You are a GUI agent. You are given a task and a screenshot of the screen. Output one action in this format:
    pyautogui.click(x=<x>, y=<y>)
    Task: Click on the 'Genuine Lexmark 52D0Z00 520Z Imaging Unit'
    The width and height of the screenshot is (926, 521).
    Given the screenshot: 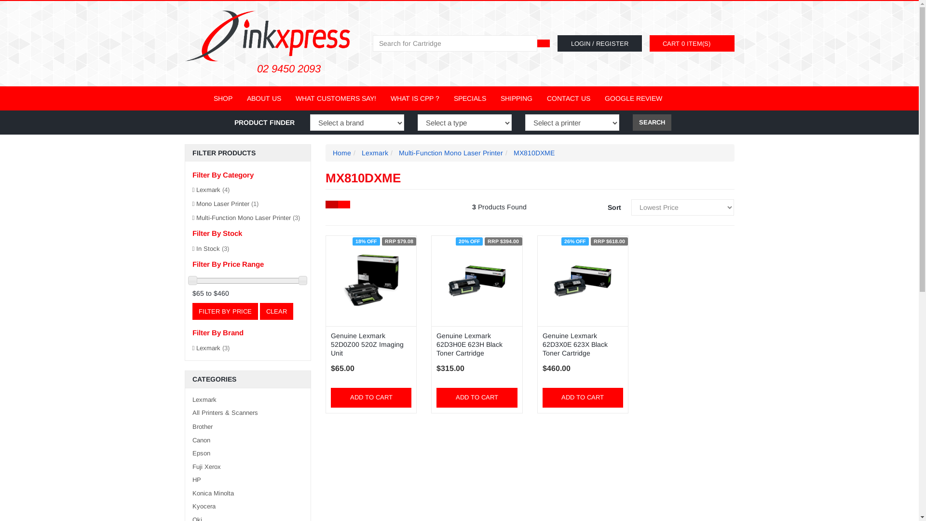 What is the action you would take?
    pyautogui.click(x=367, y=343)
    